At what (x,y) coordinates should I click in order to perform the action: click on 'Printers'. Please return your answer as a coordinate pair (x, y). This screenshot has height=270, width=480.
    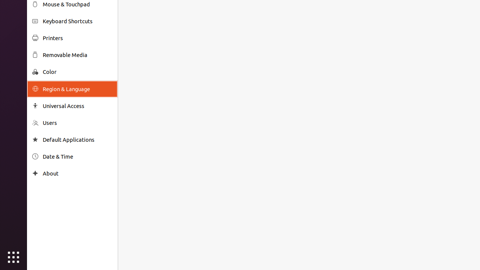
    Looking at the image, I should click on (77, 38).